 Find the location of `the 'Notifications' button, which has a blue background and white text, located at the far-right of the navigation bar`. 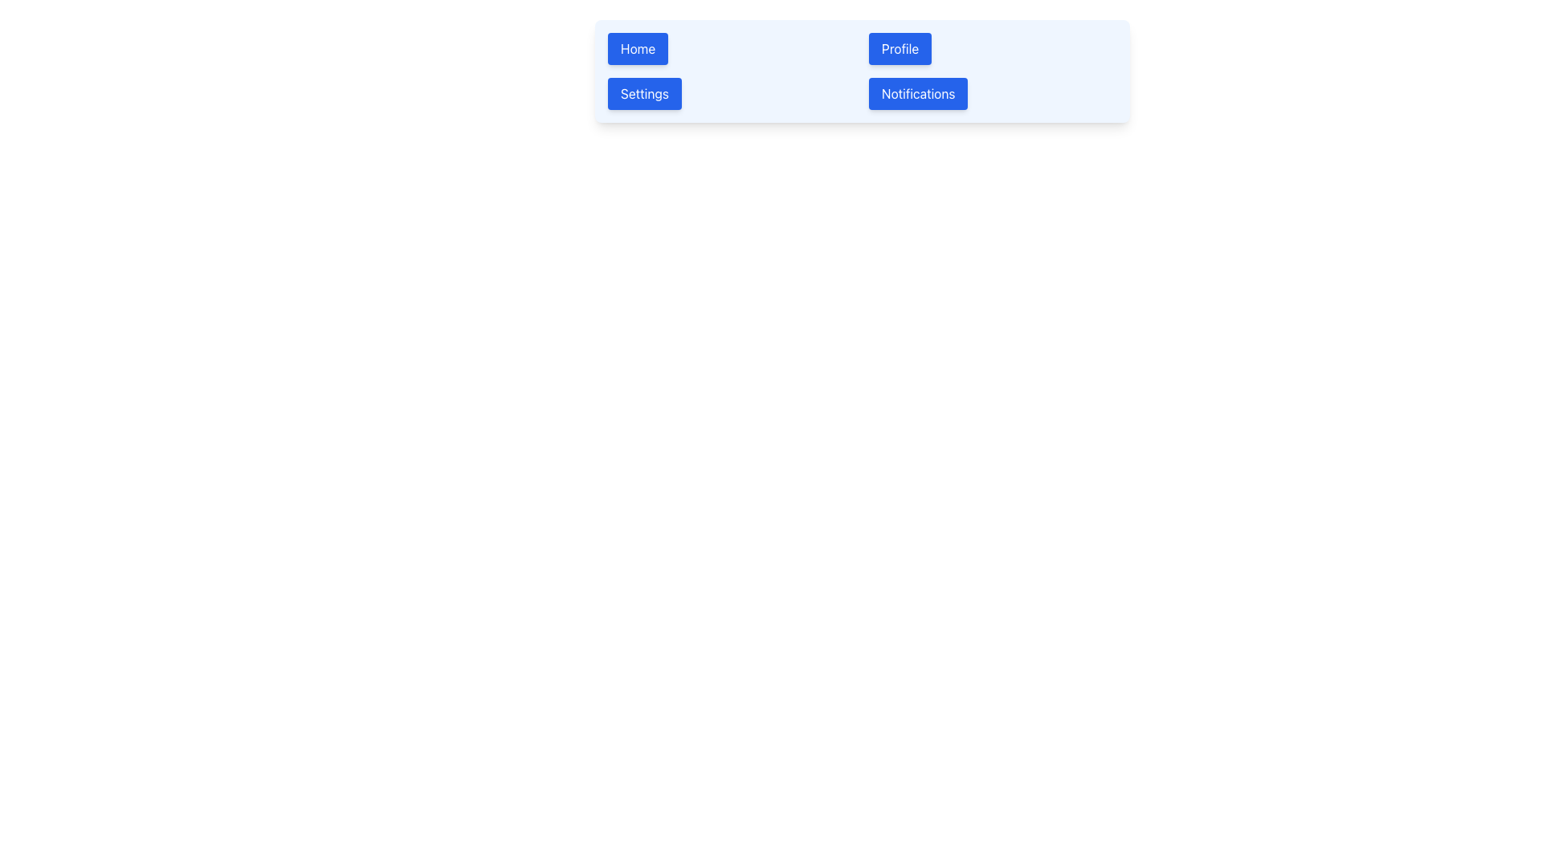

the 'Notifications' button, which has a blue background and white text, located at the far-right of the navigation bar is located at coordinates (918, 93).